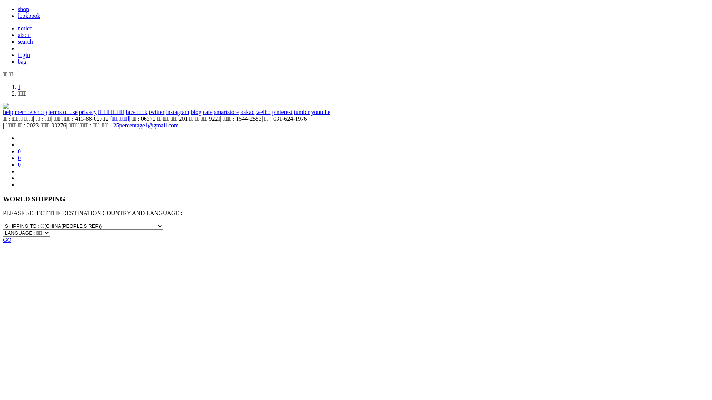 This screenshot has height=400, width=712. What do you see at coordinates (14, 112) in the screenshot?
I see `'membershoip'` at bounding box center [14, 112].